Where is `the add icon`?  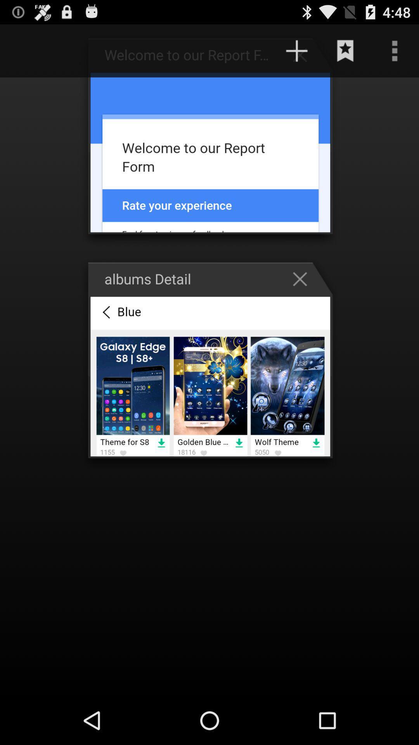
the add icon is located at coordinates (296, 54).